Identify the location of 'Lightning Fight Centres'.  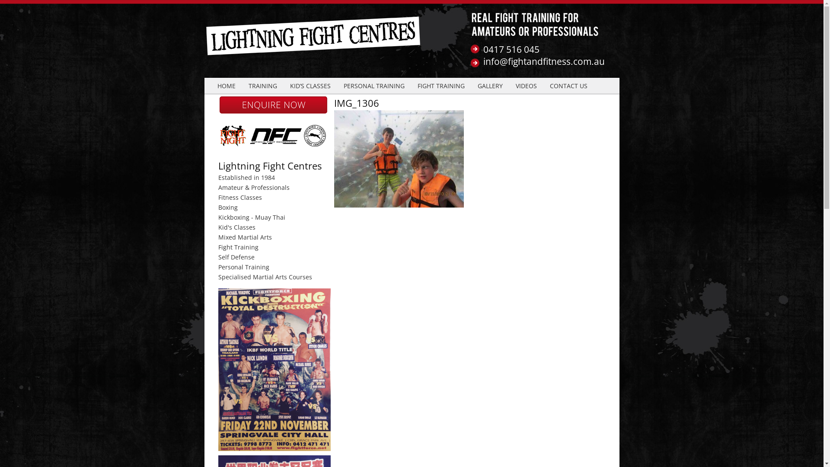
(313, 42).